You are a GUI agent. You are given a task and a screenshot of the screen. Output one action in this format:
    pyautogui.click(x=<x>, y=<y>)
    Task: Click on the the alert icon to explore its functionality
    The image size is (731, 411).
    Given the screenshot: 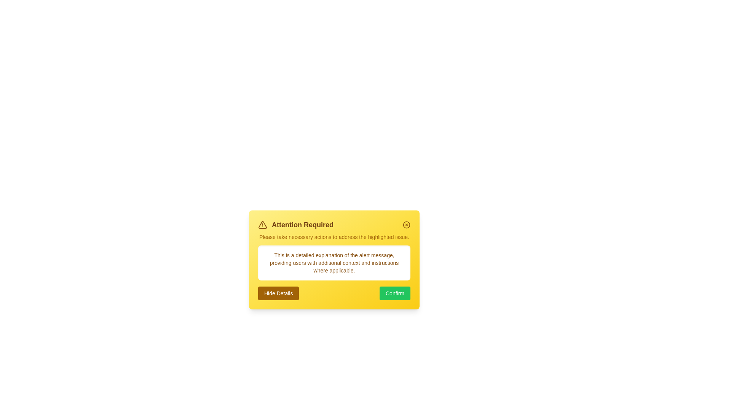 What is the action you would take?
    pyautogui.click(x=263, y=224)
    